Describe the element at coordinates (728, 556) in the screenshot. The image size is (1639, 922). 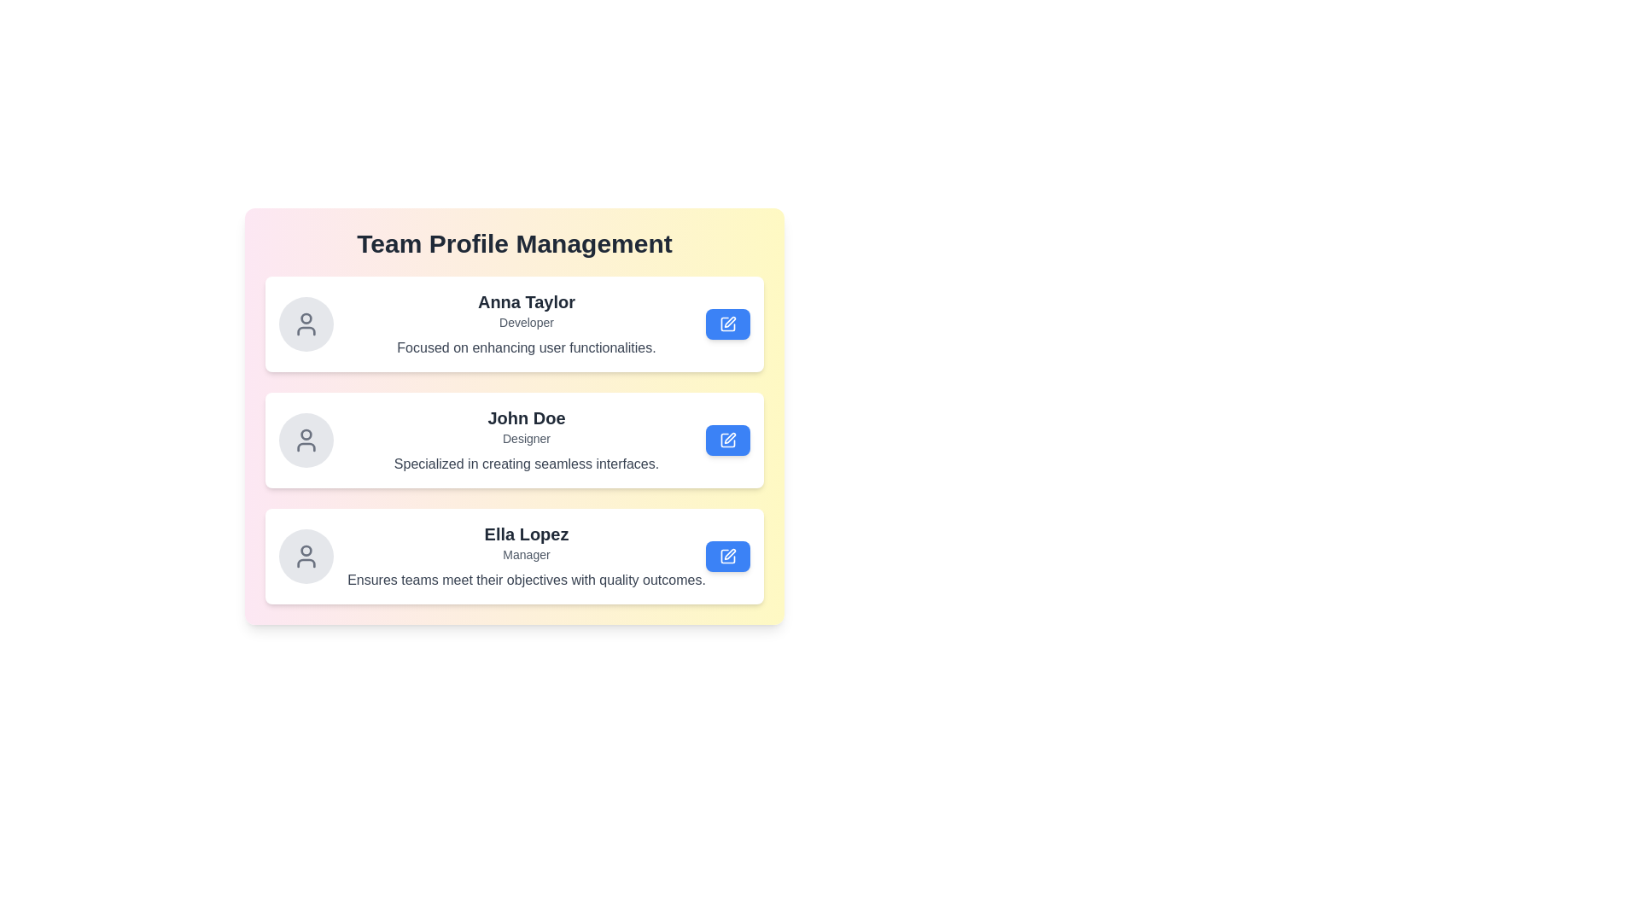
I see `the edit button for the profile of Ella Lopez` at that location.